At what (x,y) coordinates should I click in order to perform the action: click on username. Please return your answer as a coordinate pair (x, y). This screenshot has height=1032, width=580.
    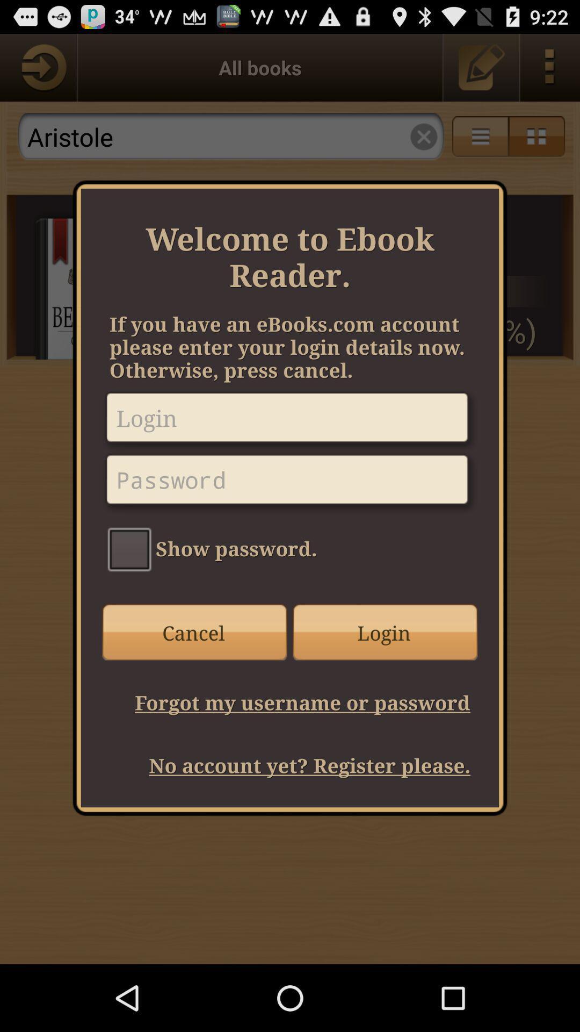
    Looking at the image, I should click on (290, 421).